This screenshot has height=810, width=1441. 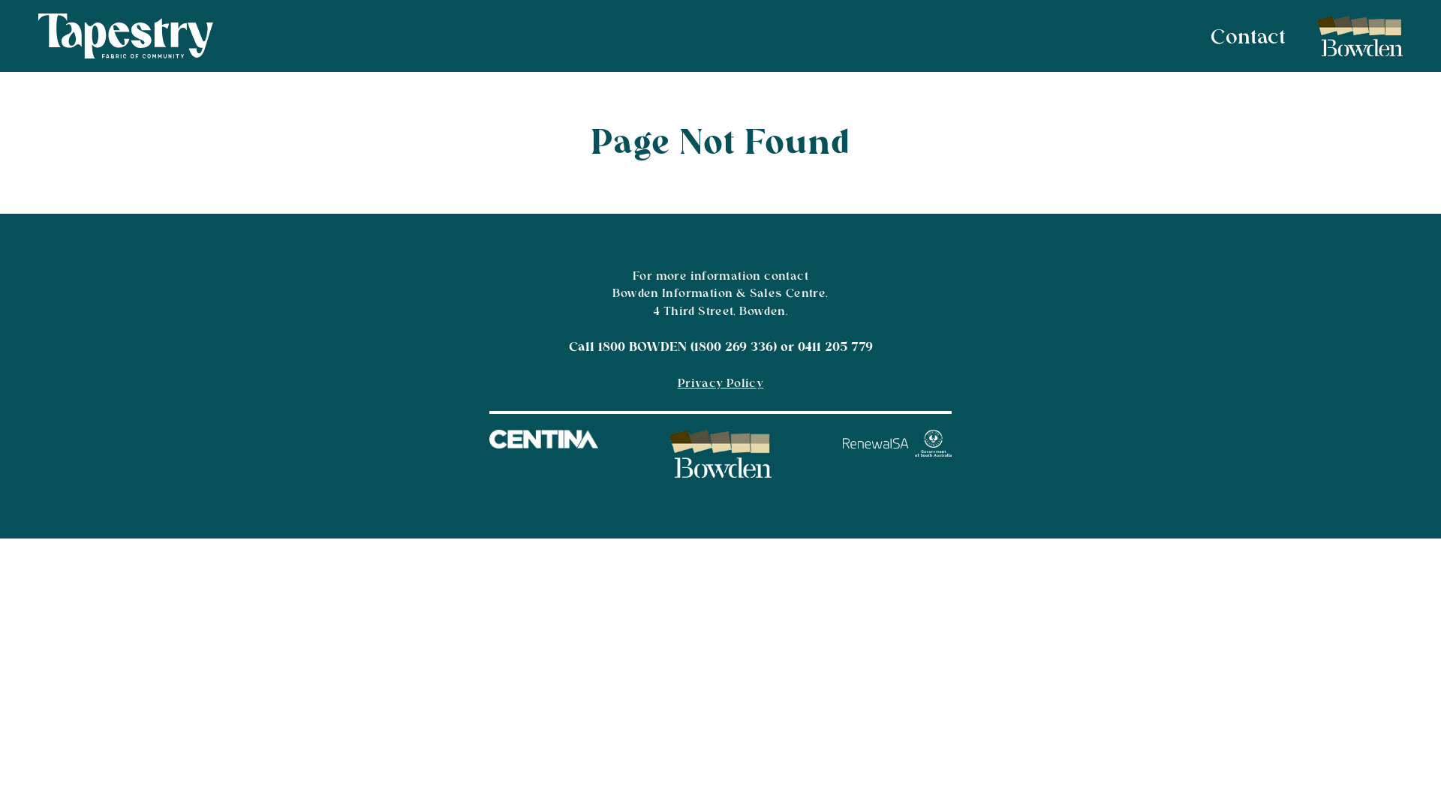 What do you see at coordinates (676, 382) in the screenshot?
I see `'Privacy Policy'` at bounding box center [676, 382].